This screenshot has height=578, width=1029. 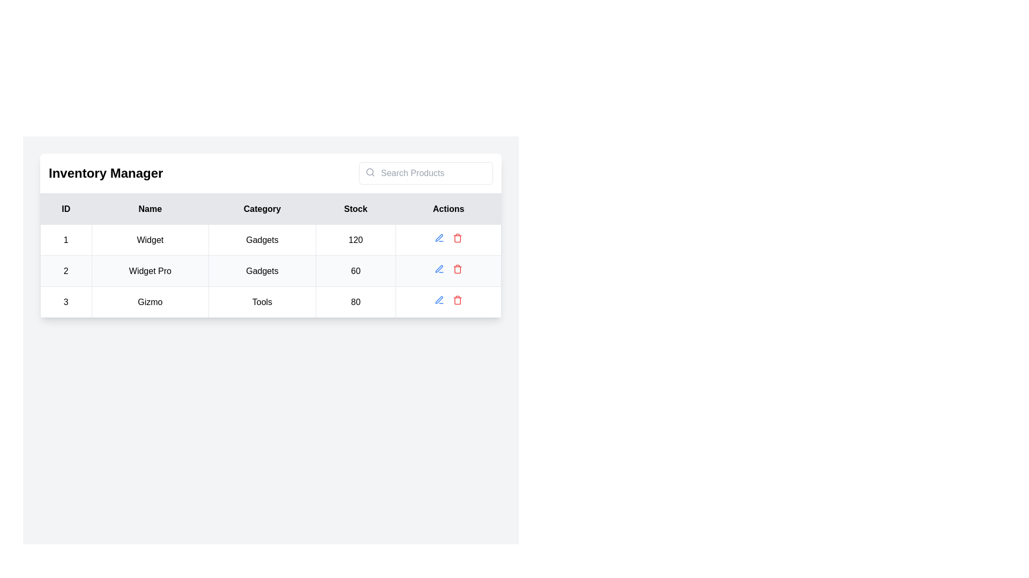 I want to click on the header cell displaying the word 'Category', which is the third entry in a row of five cells in the table header, located between the 'Name' and 'Stock' cells, so click(x=262, y=209).